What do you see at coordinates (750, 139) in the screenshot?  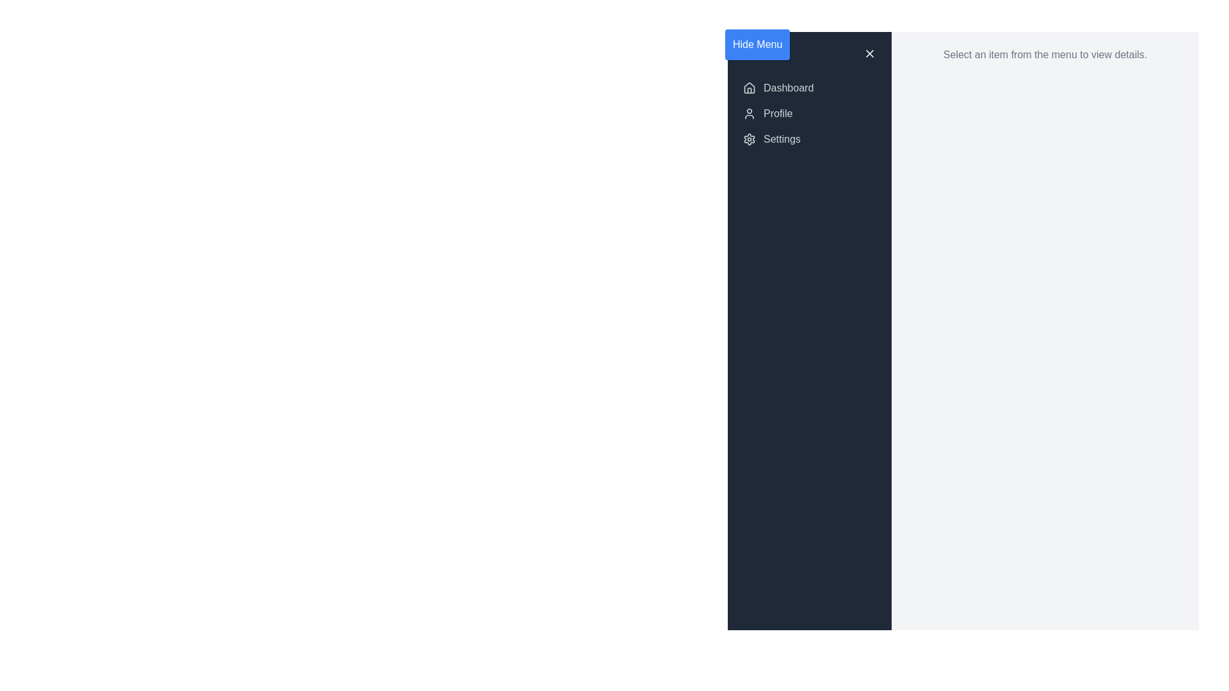 I see `the gear icon representing settings, located next to the text 'Settings' in the vertical menu on the left side of the interface` at bounding box center [750, 139].